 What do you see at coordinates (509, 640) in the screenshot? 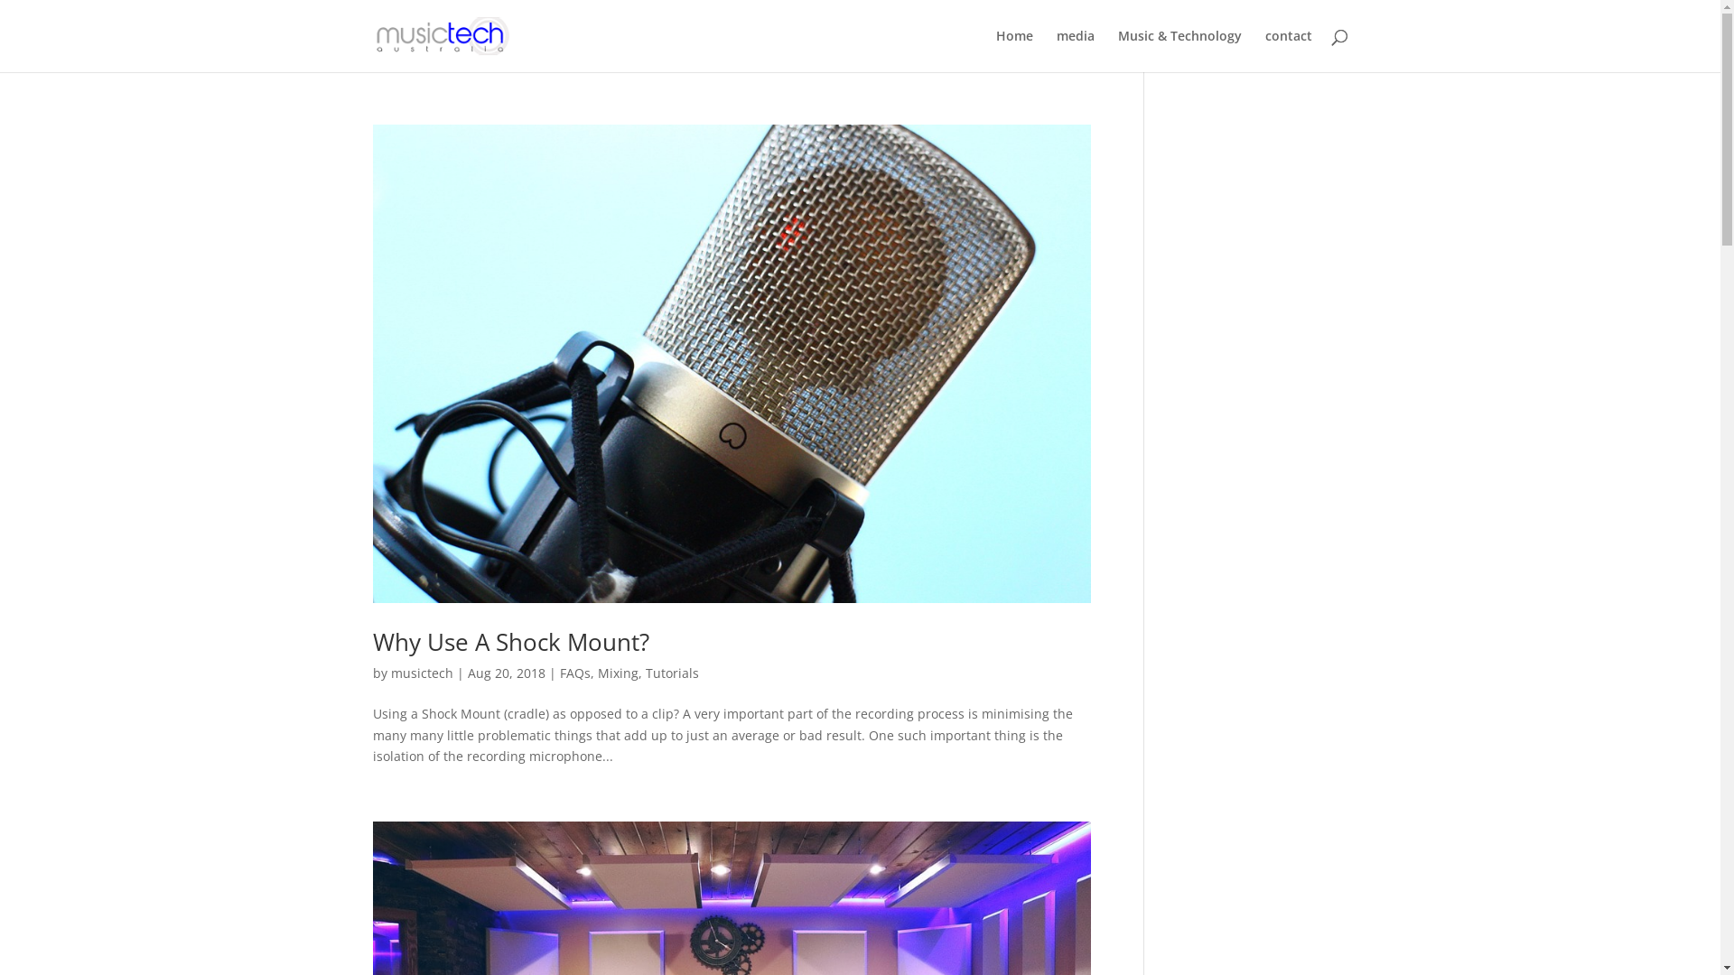
I see `'Why Use A Shock Mount?'` at bounding box center [509, 640].